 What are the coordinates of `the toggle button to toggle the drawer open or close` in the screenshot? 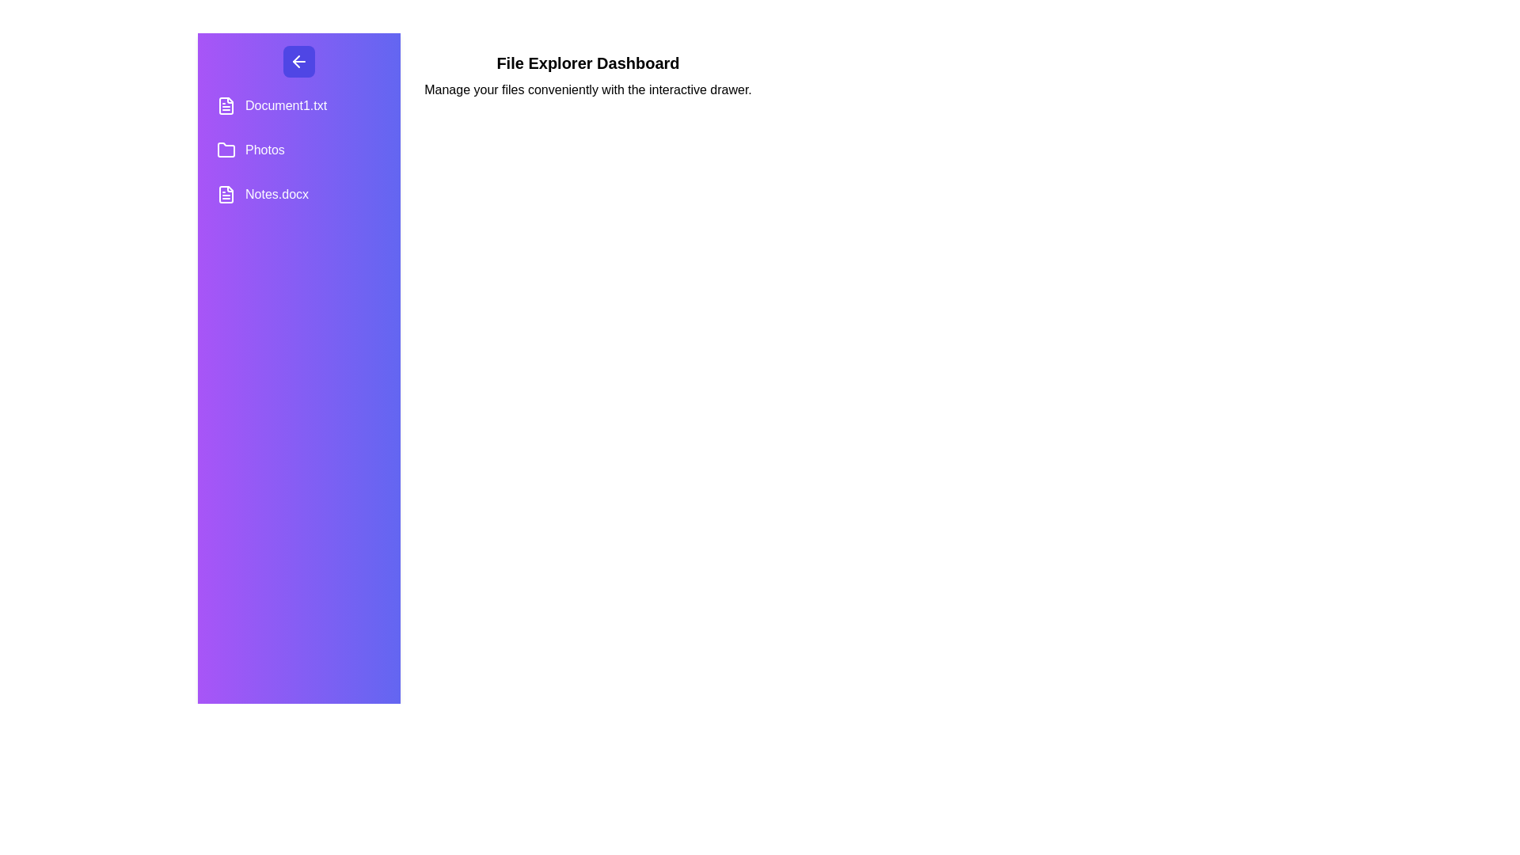 It's located at (299, 60).